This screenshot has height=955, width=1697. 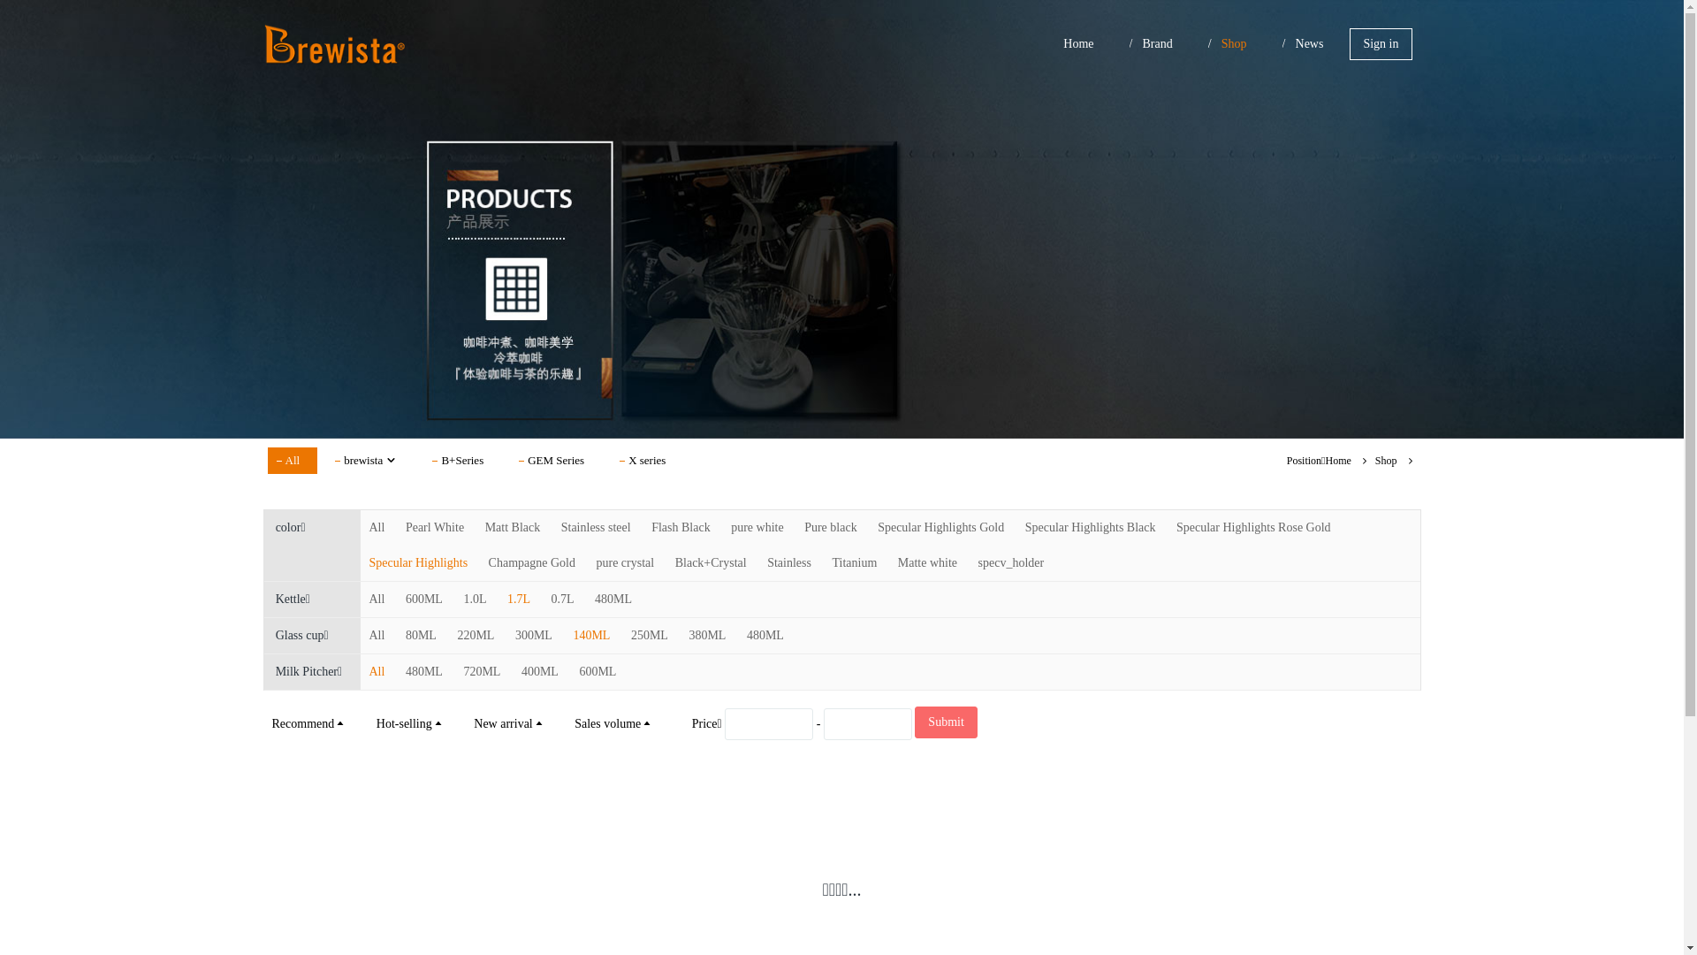 What do you see at coordinates (1089, 526) in the screenshot?
I see `'Specular Highlights Black'` at bounding box center [1089, 526].